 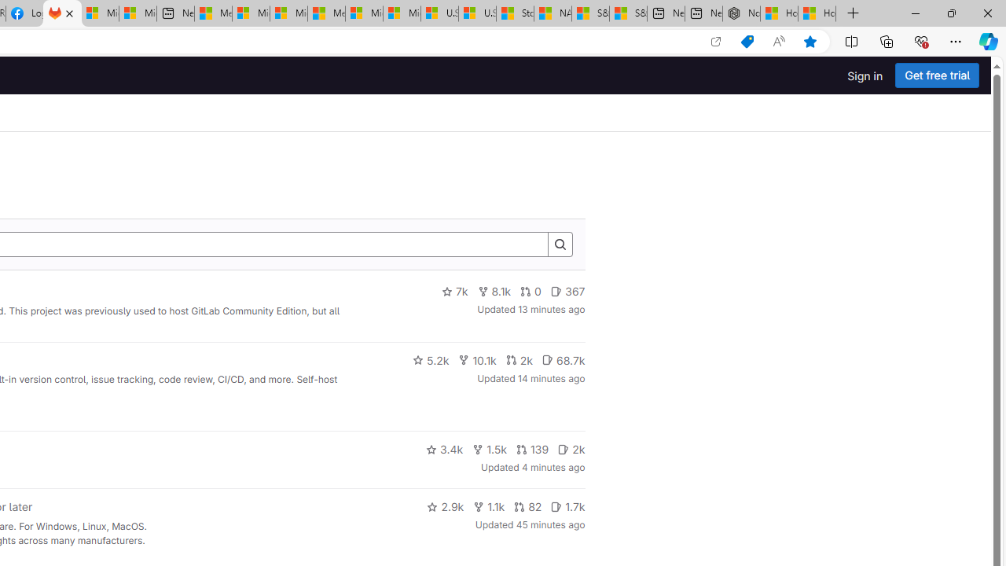 I want to click on 'Get free trial', so click(x=937, y=75).